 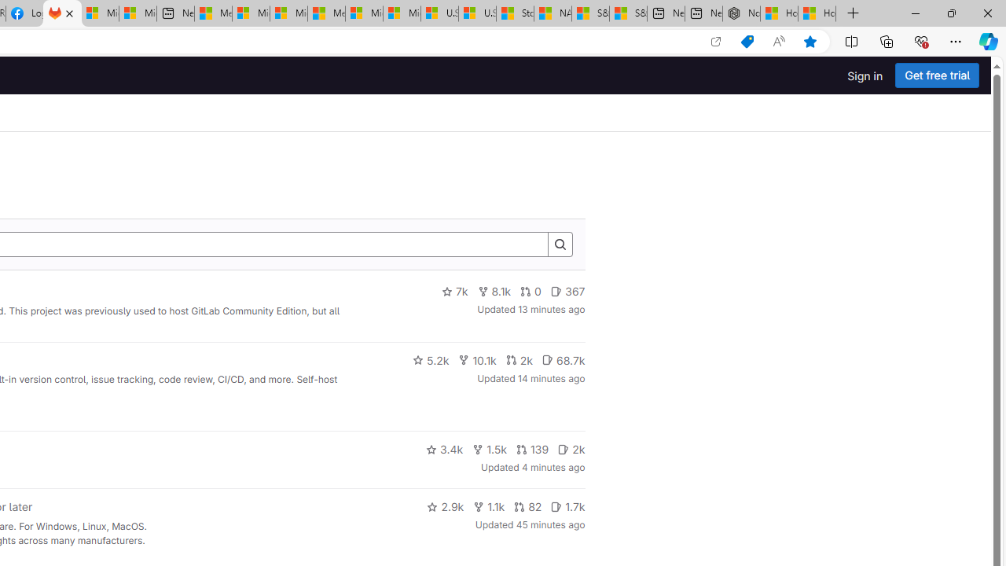 I want to click on 'Get free trial', so click(x=937, y=75).